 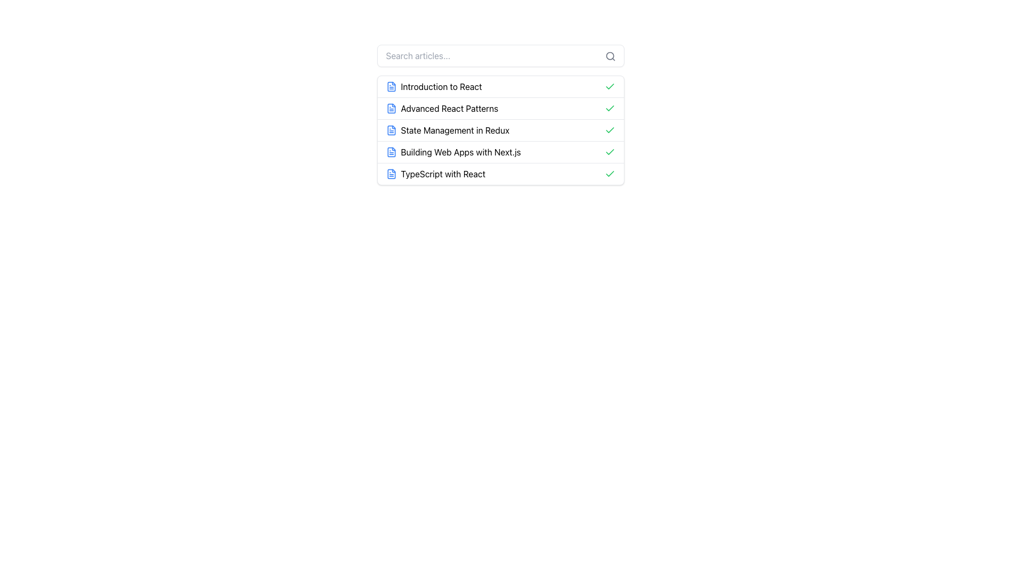 I want to click on the second item in the vertically stacked list within the card-like structure, so click(x=500, y=108).